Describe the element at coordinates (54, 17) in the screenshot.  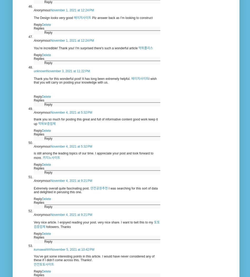
I see `'The Design looks very good'` at that location.